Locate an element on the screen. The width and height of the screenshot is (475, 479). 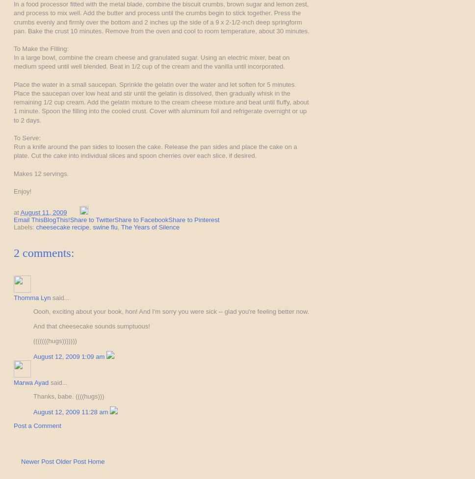
'Newer Post' is located at coordinates (37, 460).